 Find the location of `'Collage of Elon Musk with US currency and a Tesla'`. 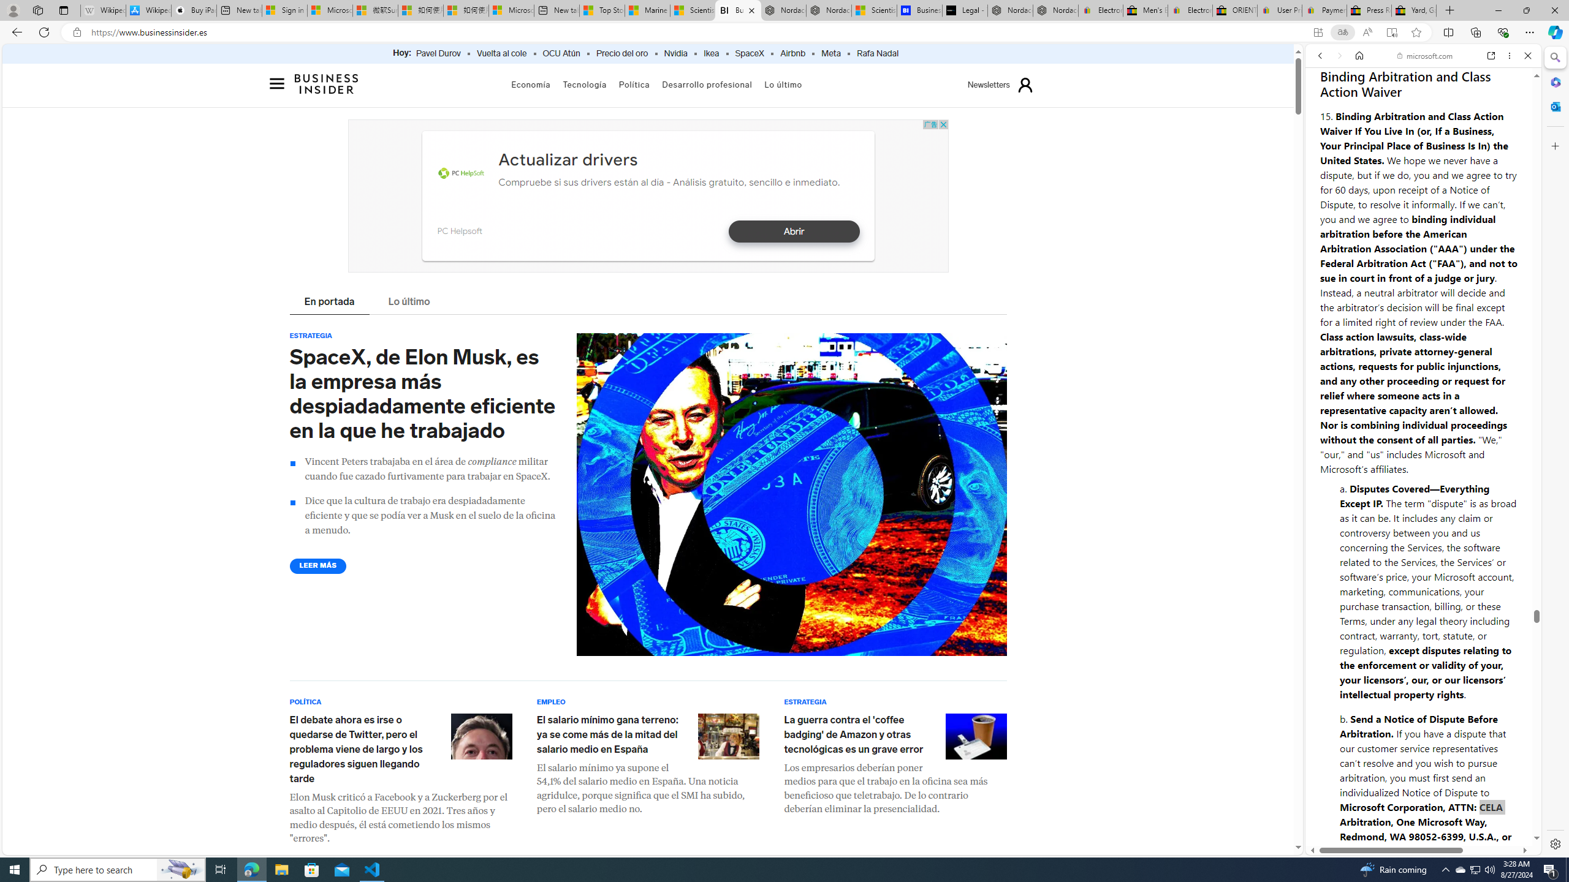

'Collage of Elon Musk with US currency and a Tesla' is located at coordinates (791, 494).